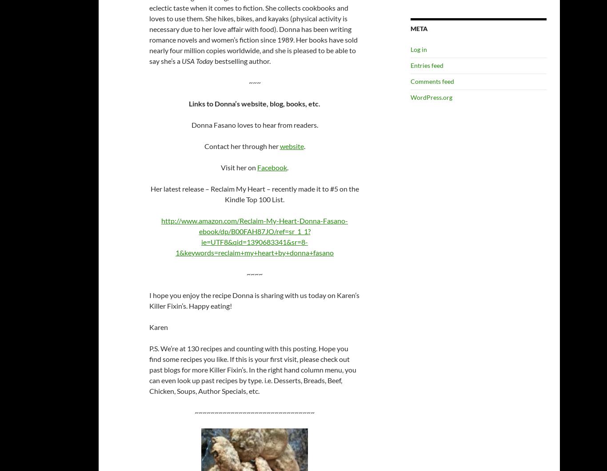 The width and height of the screenshot is (607, 471). I want to click on 'I hope you enjoy the recipe Donna is sharing with us today on Karen’s Killer Fixin’s. Happy eating!', so click(149, 300).